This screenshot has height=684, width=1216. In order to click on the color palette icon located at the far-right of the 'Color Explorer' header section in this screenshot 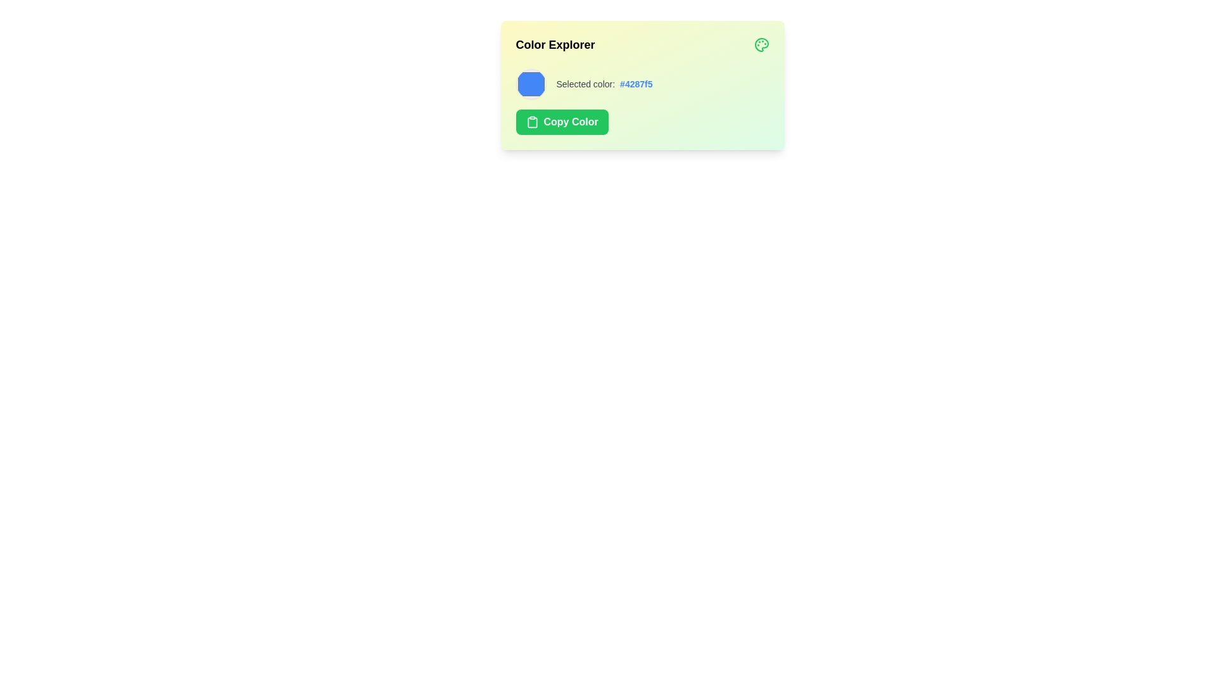, I will do `click(761, 44)`.